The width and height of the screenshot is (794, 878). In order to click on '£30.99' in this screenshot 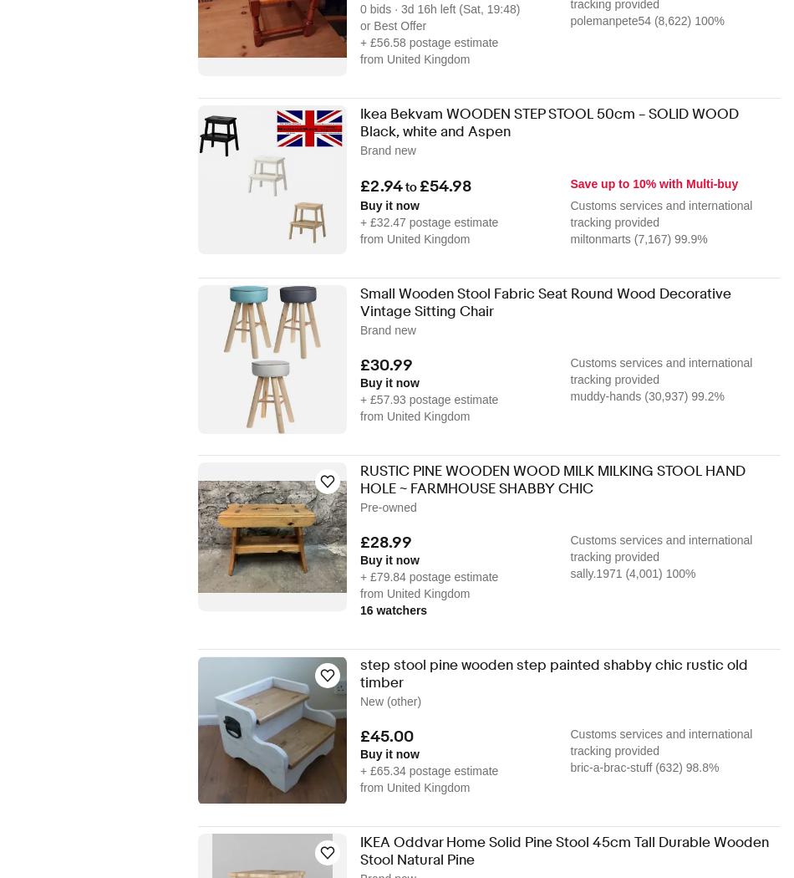, I will do `click(385, 363)`.